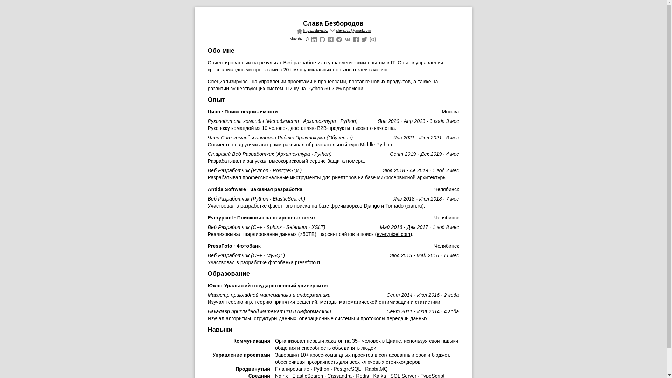 The height and width of the screenshot is (378, 672). I want to click on 'slavabzb', so click(322, 38).